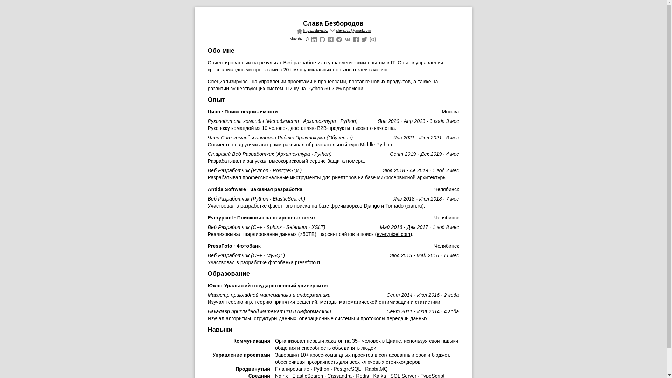 The height and width of the screenshot is (378, 672). I want to click on 'slavabzb', so click(322, 38).